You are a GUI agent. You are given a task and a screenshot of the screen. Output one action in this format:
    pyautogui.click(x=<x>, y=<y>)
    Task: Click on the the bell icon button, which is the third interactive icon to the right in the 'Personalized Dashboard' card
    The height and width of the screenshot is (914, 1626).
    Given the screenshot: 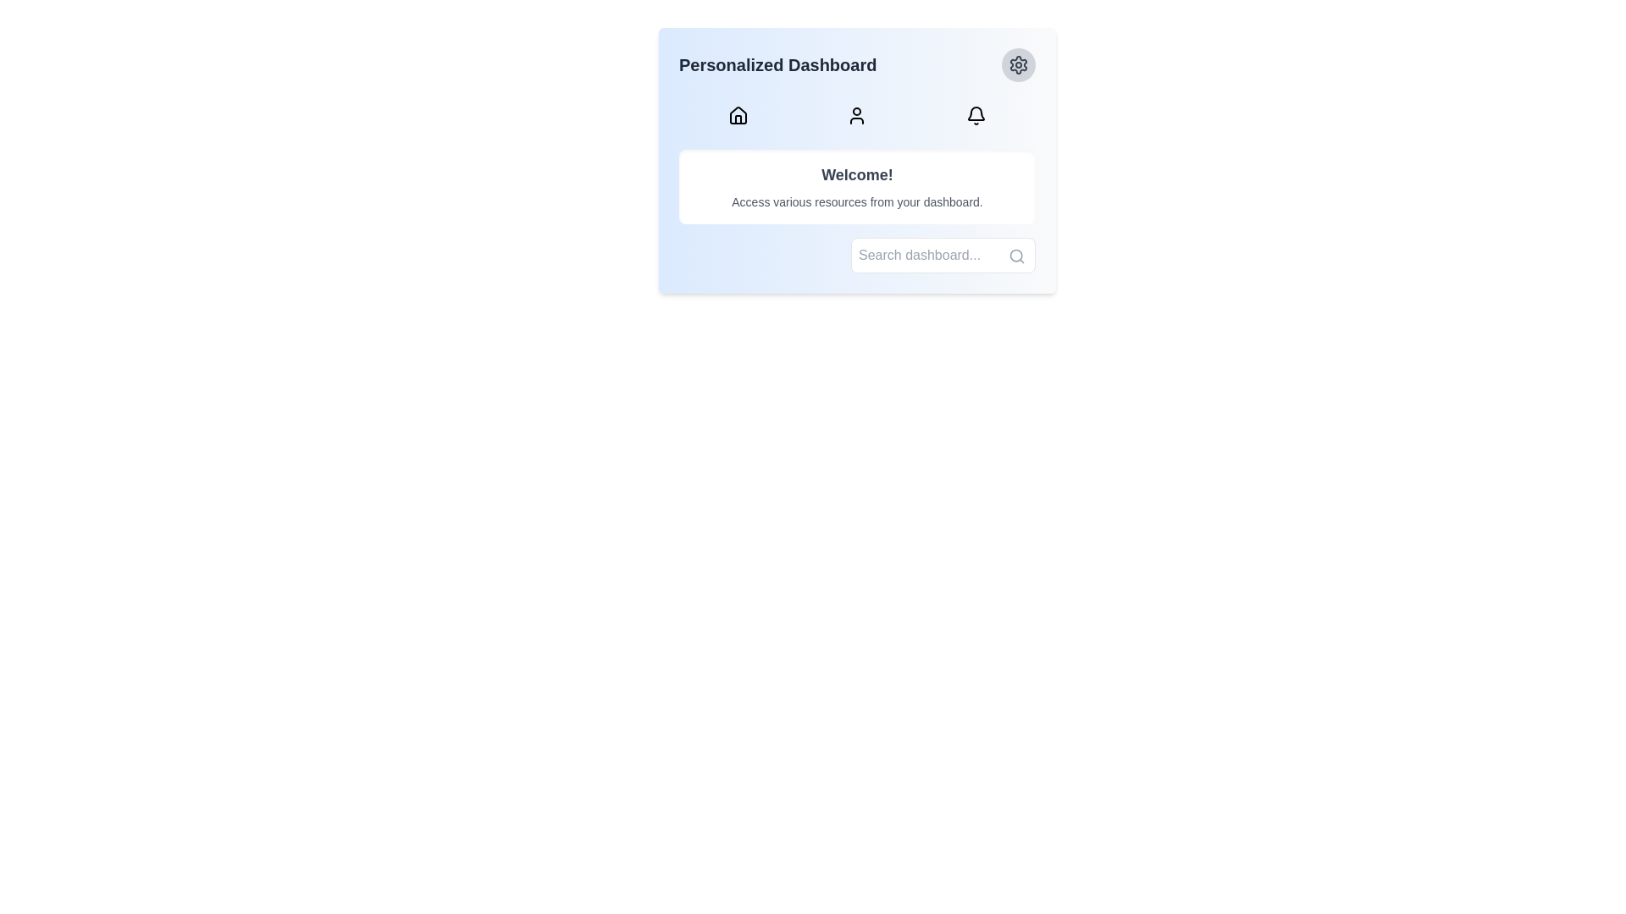 What is the action you would take?
    pyautogui.click(x=976, y=115)
    